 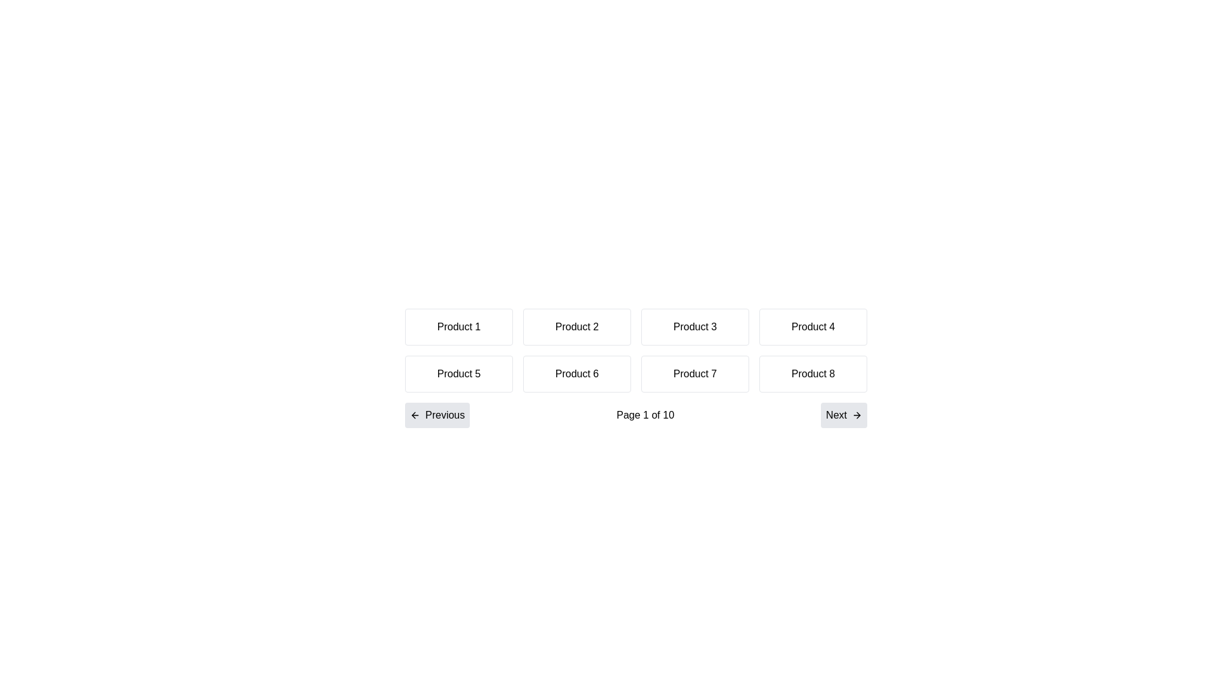 I want to click on the left-pointing arrow icon in the navigation bar, so click(x=413, y=415).